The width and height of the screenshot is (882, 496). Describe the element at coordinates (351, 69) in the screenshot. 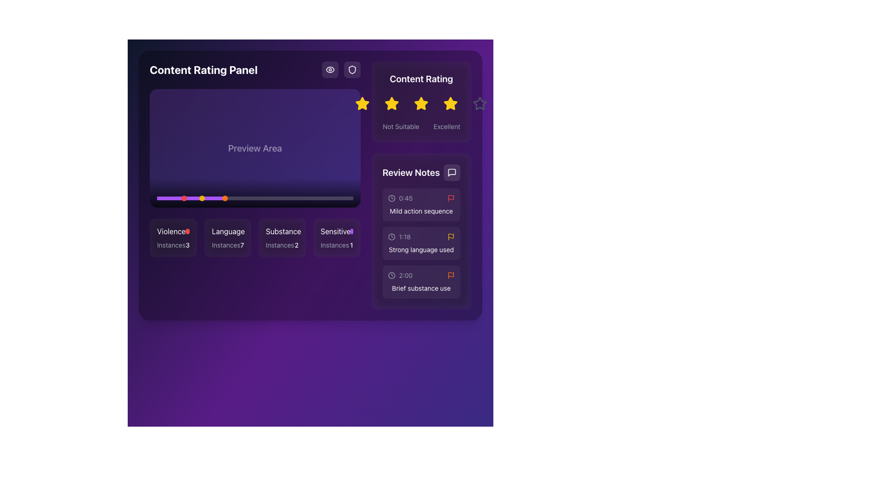

I see `the security icon located` at that location.